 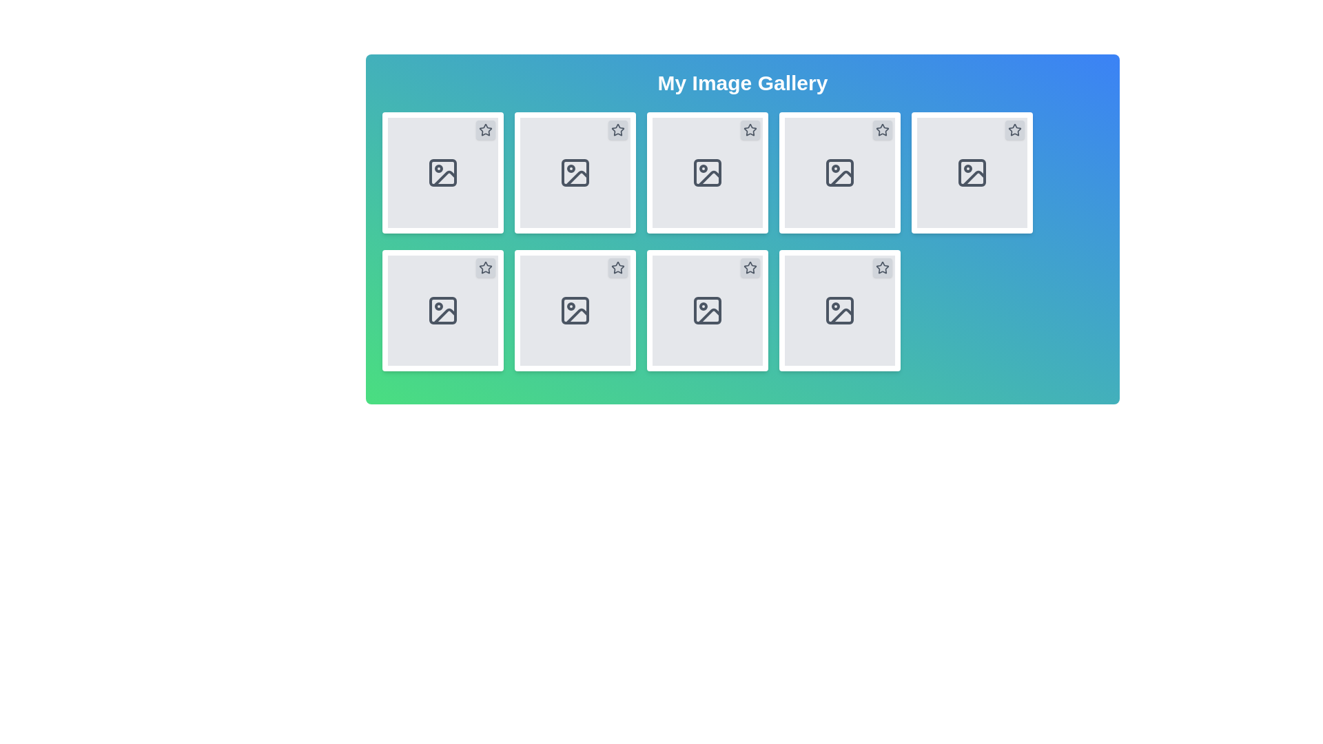 I want to click on the star icon button in the top-right corner of the second image tile, so click(x=617, y=130).